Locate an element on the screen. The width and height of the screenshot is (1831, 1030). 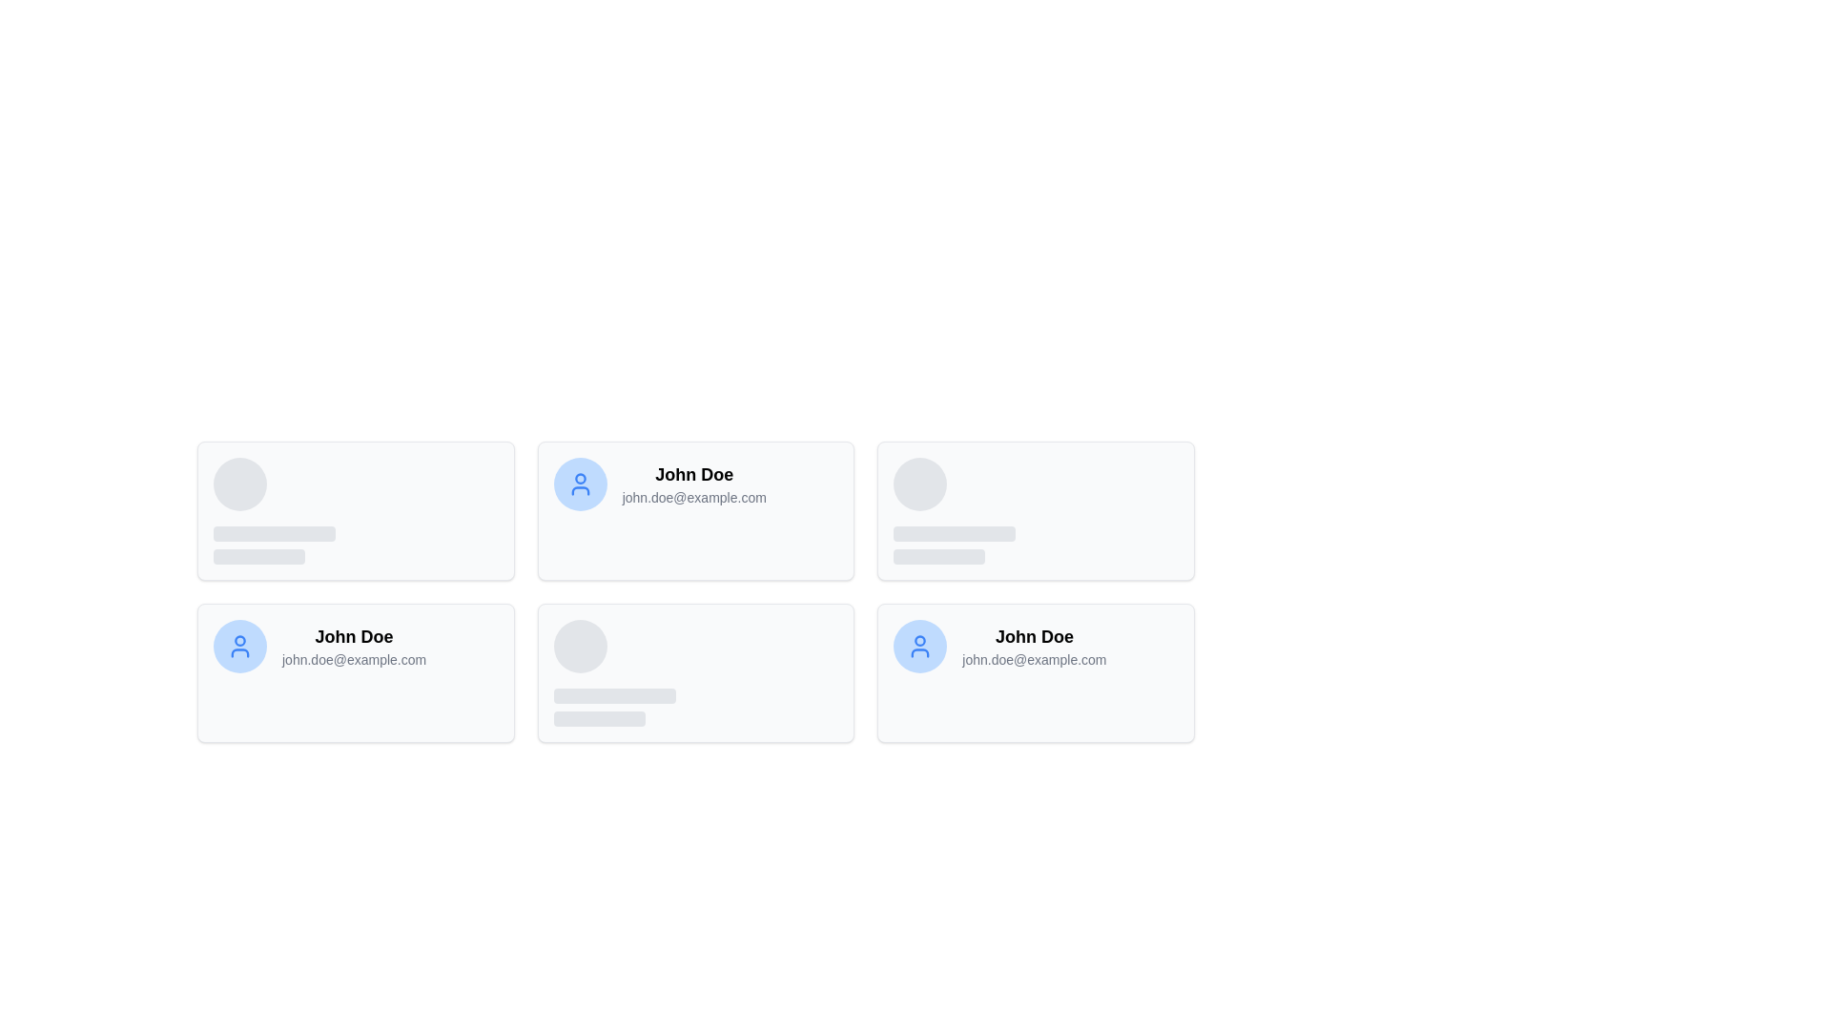
the text display component showing 'John Doe' and 'john.doe@example.com' is located at coordinates (693, 484).